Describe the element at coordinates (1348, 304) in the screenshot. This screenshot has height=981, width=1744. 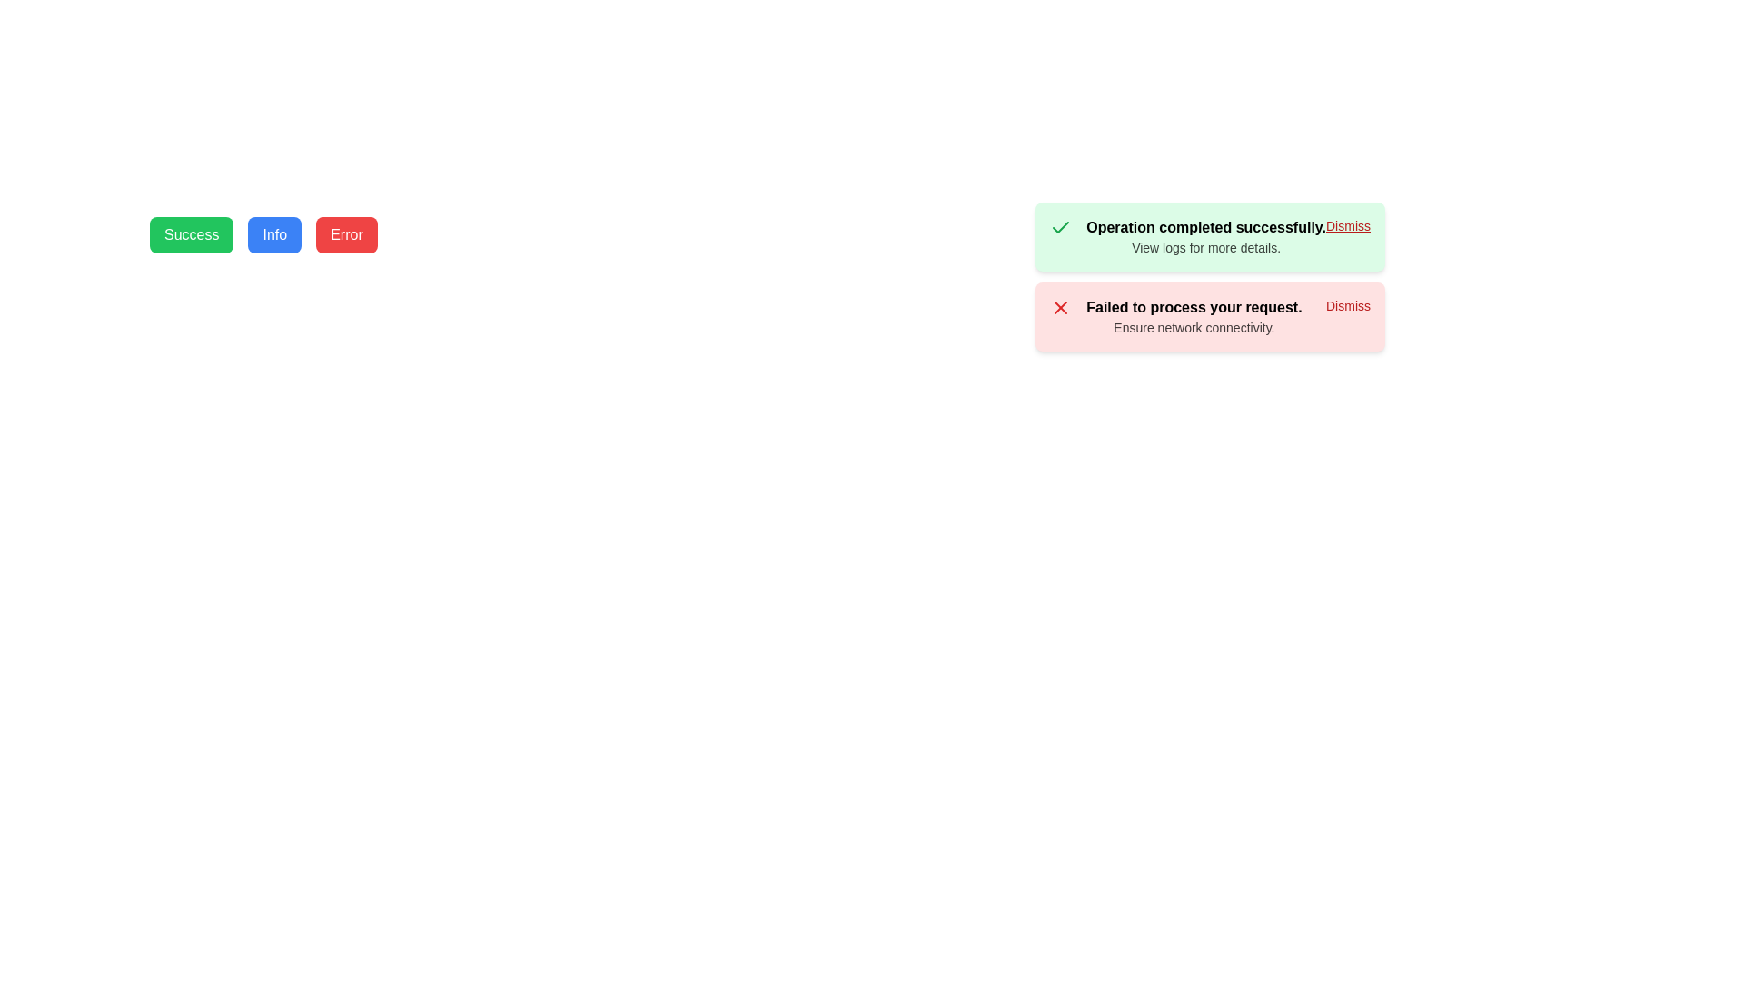
I see `the 'Dismiss' text link, which is styled with an underline and red text, located at the right end of the message box` at that location.